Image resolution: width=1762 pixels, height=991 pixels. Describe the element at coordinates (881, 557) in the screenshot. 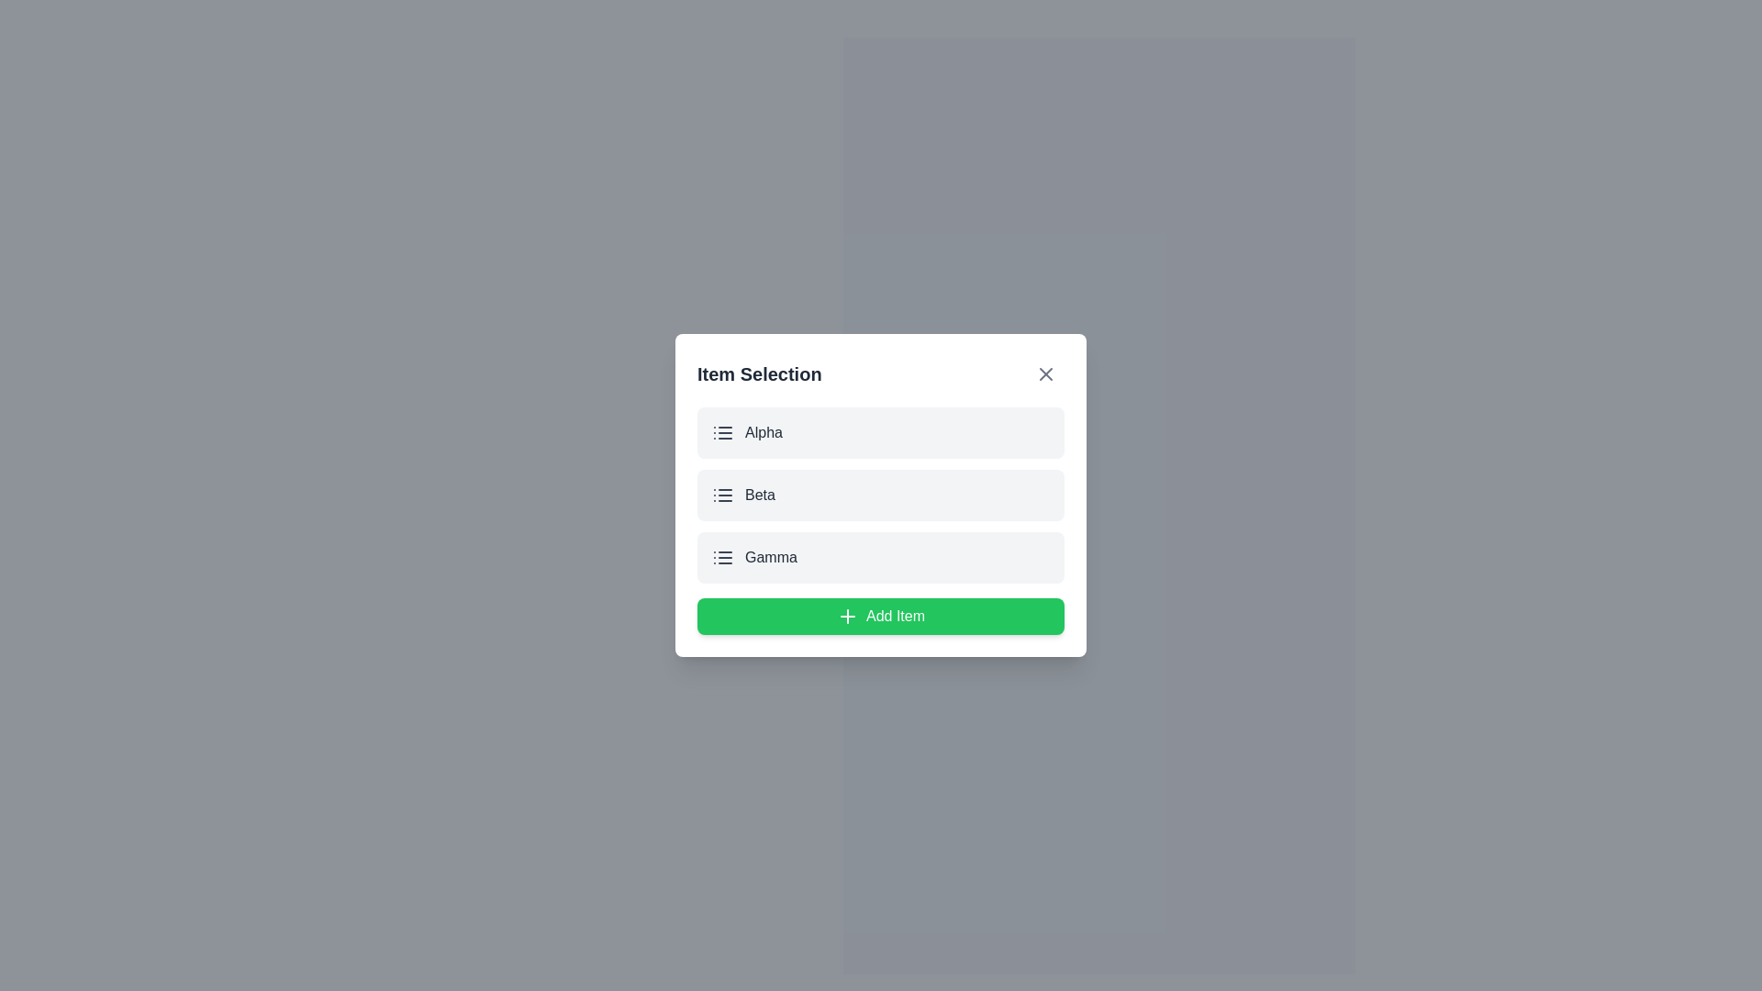

I see `the list item Gamma` at that location.